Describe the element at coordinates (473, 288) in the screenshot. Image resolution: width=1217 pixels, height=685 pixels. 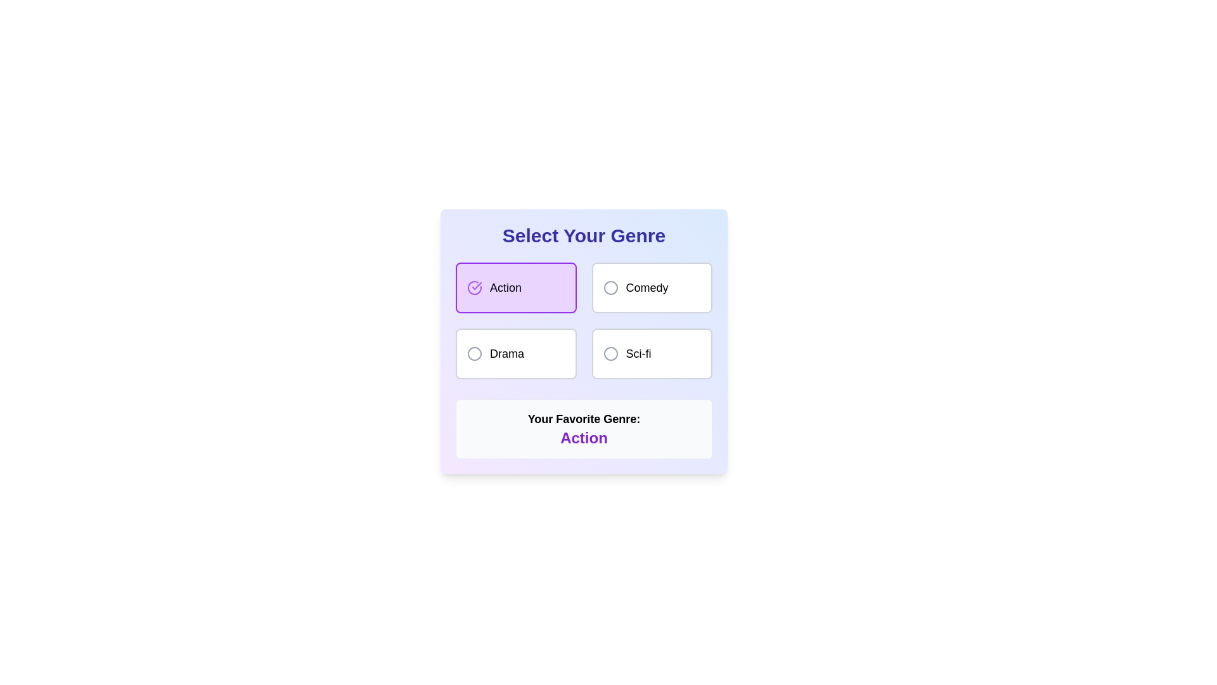
I see `the purple circular checkmark icon located within the 'Action' button in the 'Select Your Genre' interface` at that location.